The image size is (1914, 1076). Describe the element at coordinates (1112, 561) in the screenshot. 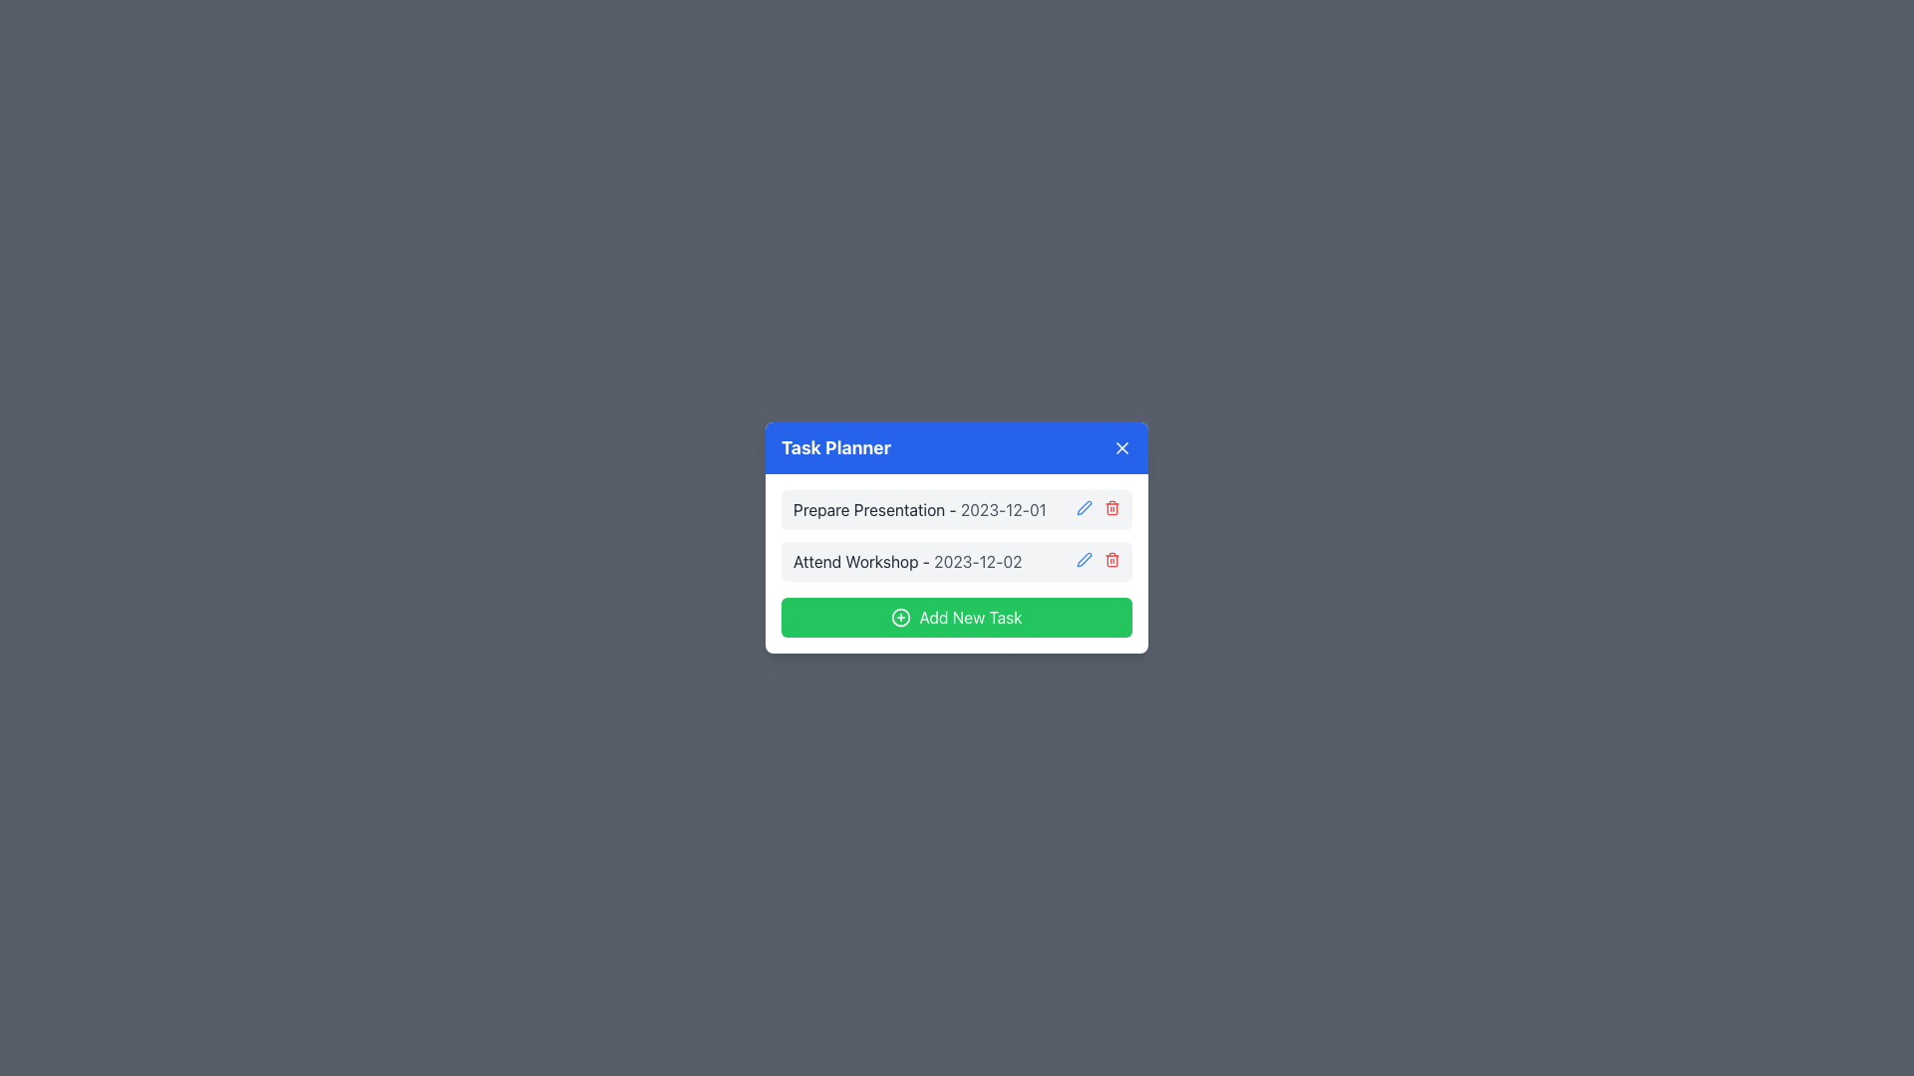

I see `the outline of the trash can icon, which is commonly used for deletion and is located near the center of the interface adjacent to task items like 'Prepare Presentation' and 'Attend Workshop'` at that location.